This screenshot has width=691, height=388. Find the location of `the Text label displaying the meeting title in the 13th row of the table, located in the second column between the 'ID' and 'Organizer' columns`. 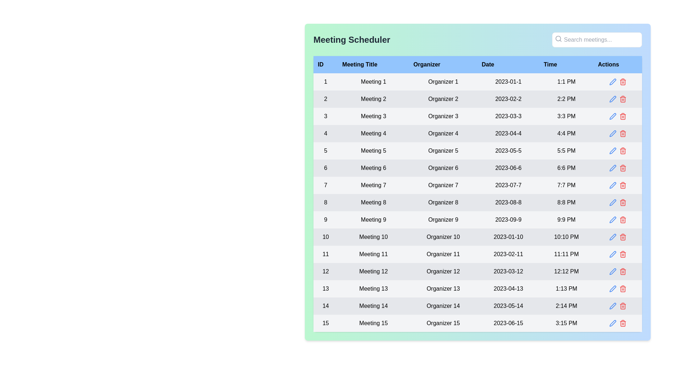

the Text label displaying the meeting title in the 13th row of the table, located in the second column between the 'ID' and 'Organizer' columns is located at coordinates (373, 288).